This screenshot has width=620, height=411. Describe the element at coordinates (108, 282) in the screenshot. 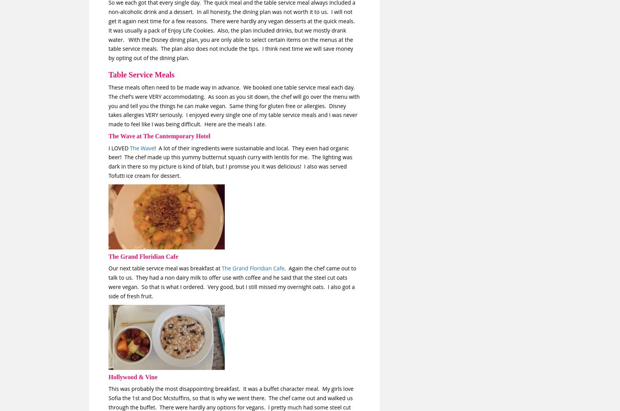

I see `'.  Again the chef came out to talk to us.  They had a non dairy milk to offer use with coffee and he said that the steel cut oats were vegan.  So that is what I ordered.  Very good, but I still missed my overnight oats.  I also got a side of fresh fruit.'` at that location.